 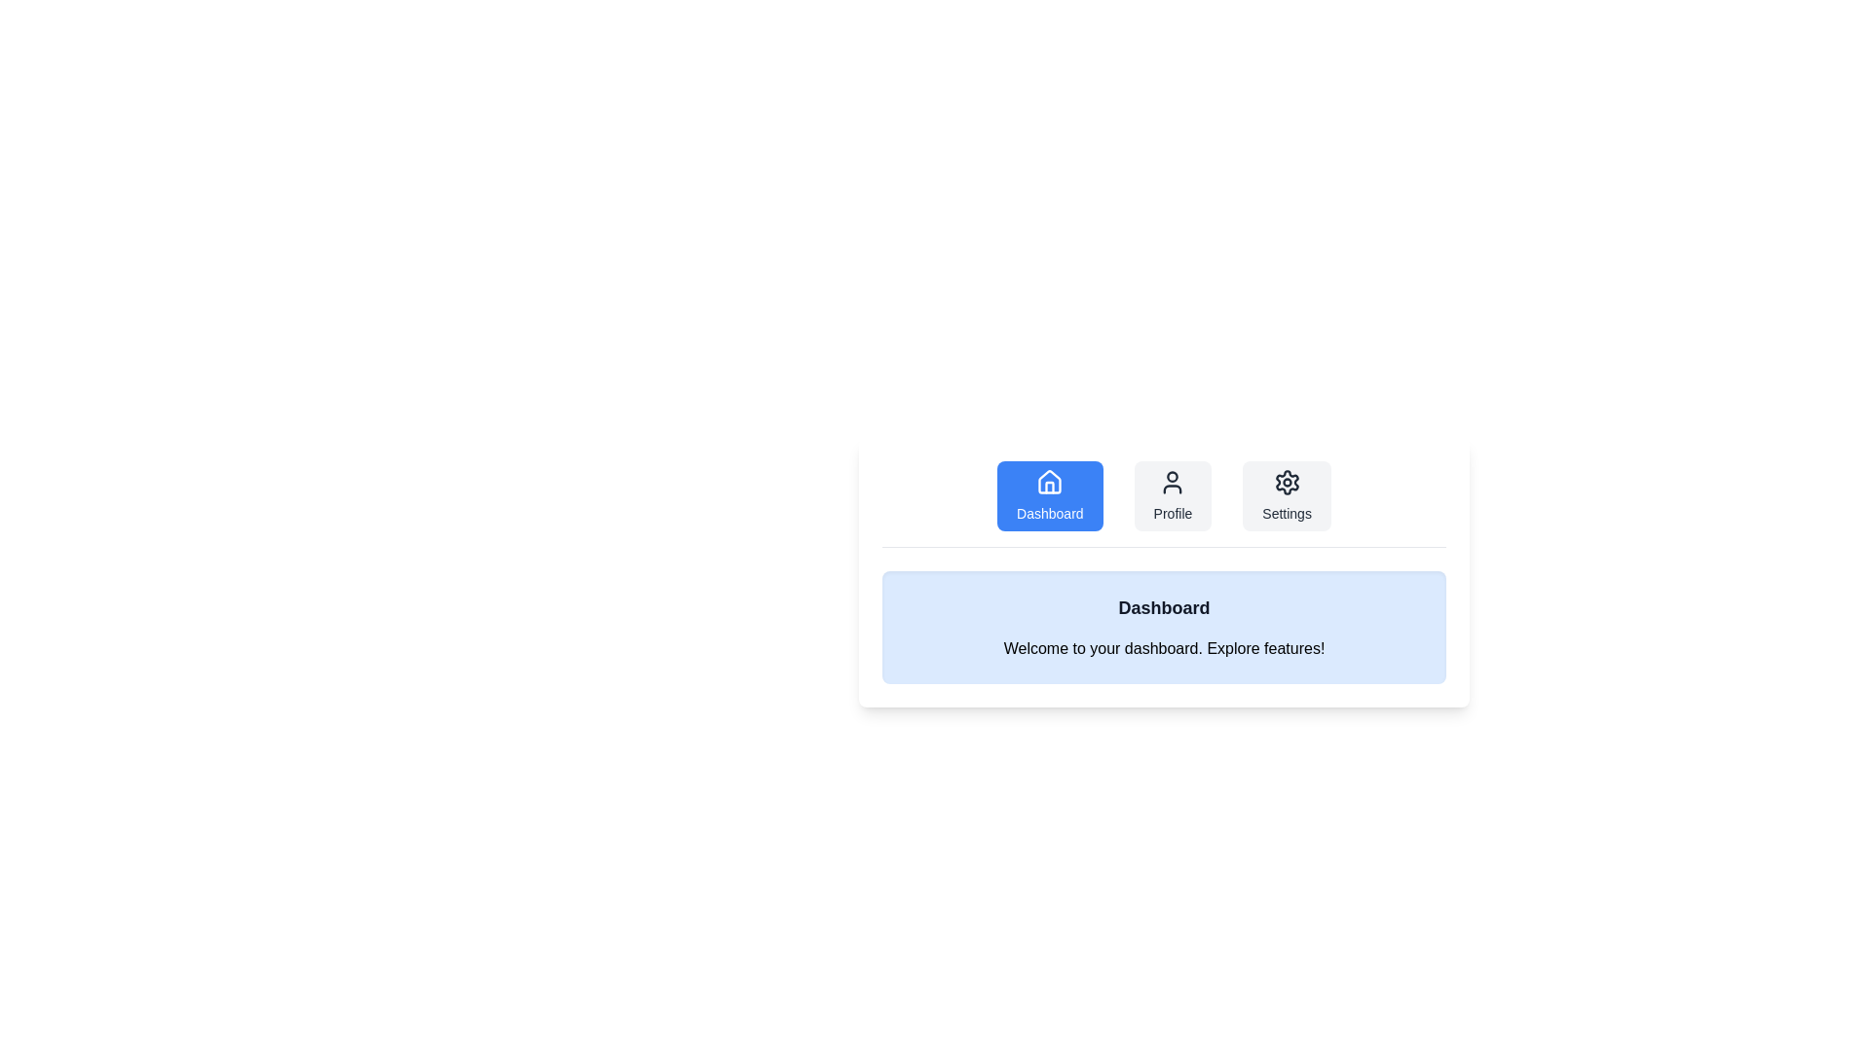 What do you see at coordinates (1049, 494) in the screenshot?
I see `the Dashboard tab` at bounding box center [1049, 494].